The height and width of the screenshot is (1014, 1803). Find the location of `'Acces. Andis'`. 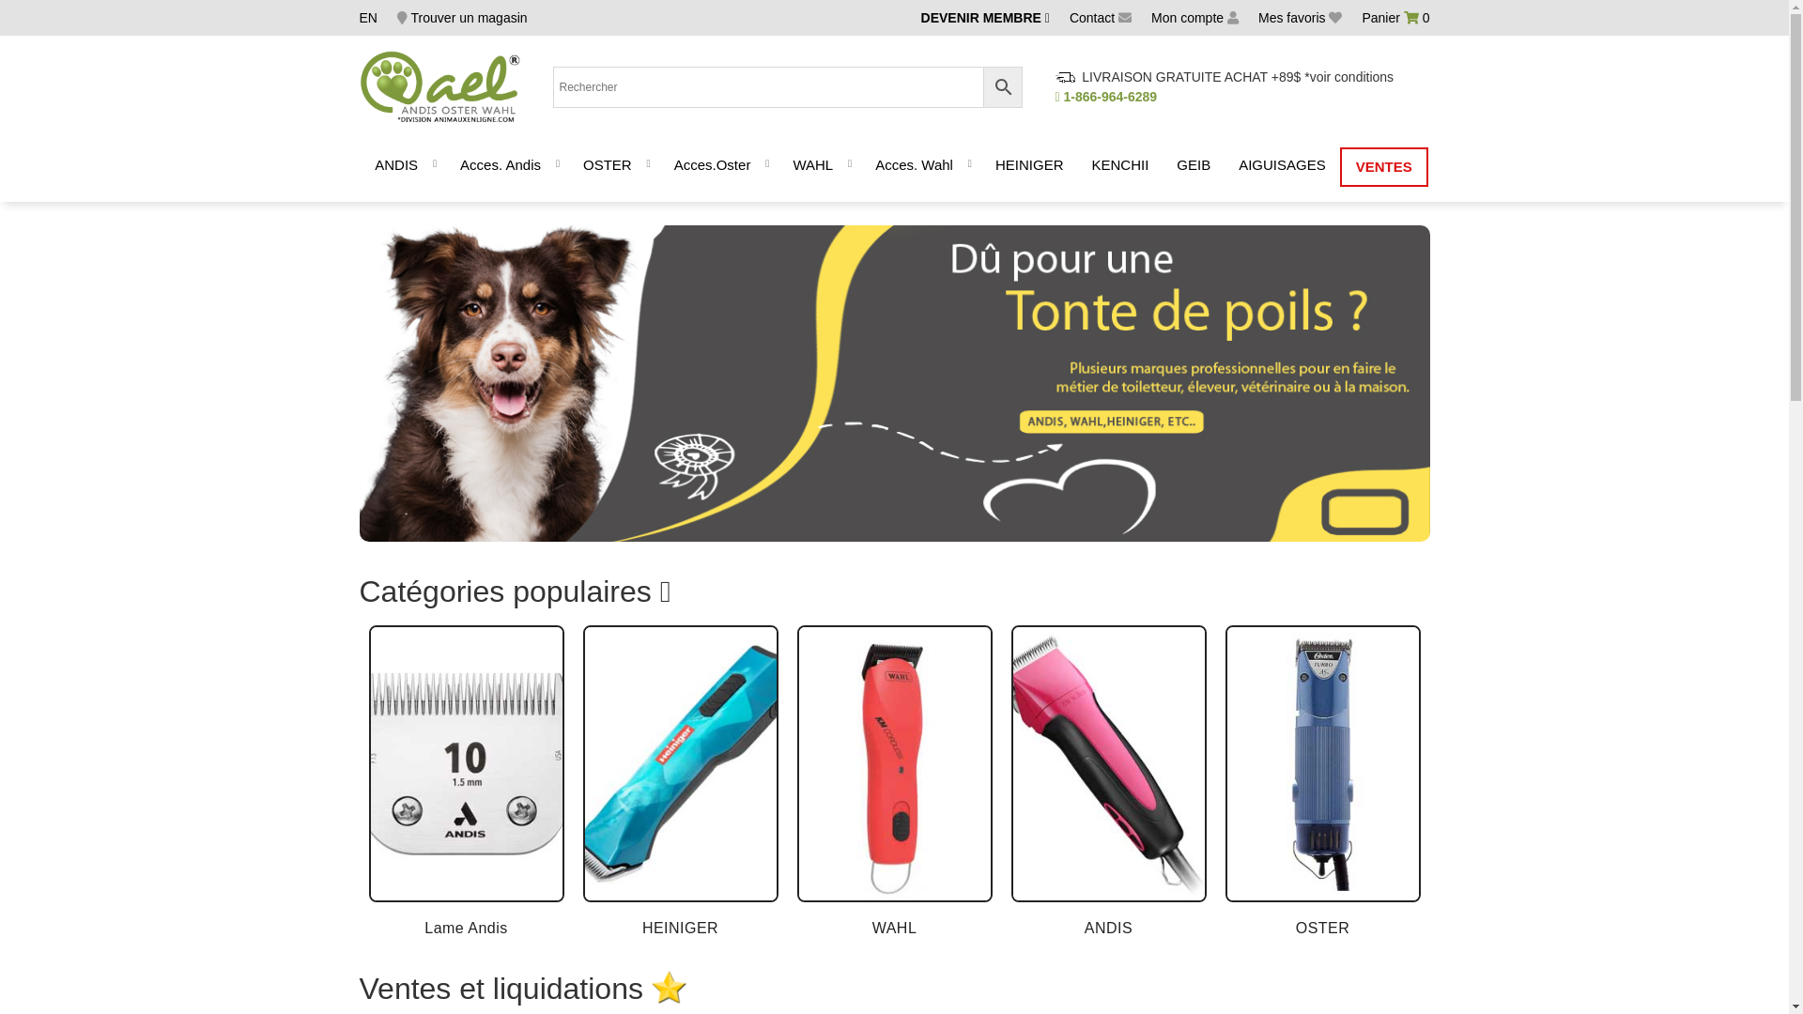

'Acces. Andis' is located at coordinates (445, 165).